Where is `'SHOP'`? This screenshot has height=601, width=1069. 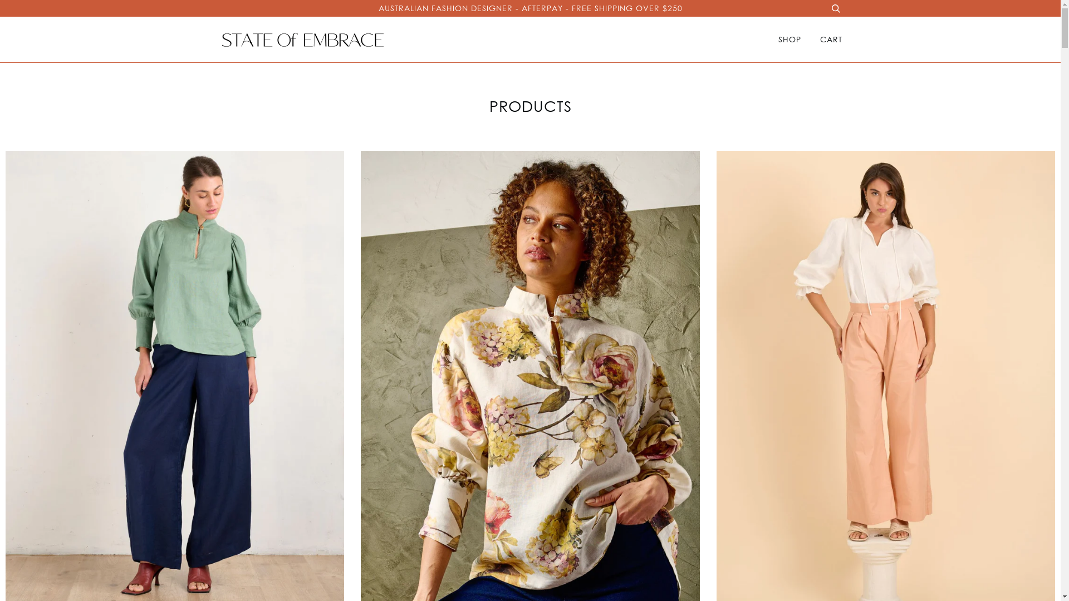
'SHOP' is located at coordinates (789, 38).